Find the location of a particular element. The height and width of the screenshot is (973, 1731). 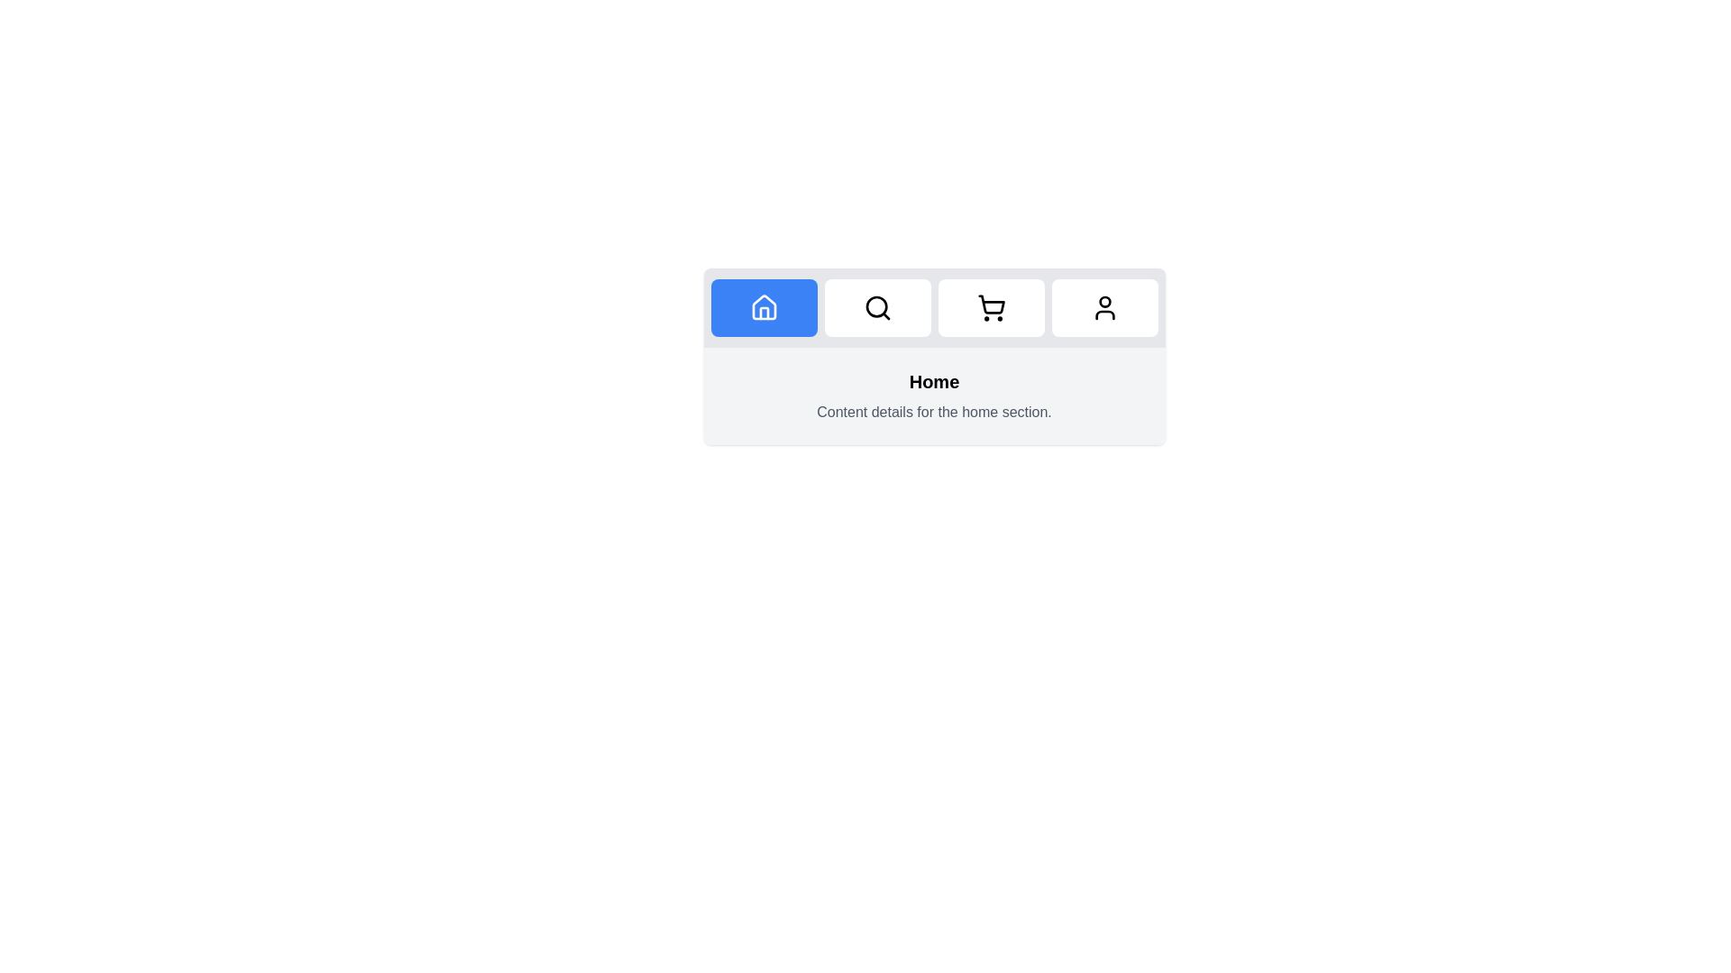

the Home section icon by moving to the center of the icon located in the first section of the navigation bar is located at coordinates (764, 306).